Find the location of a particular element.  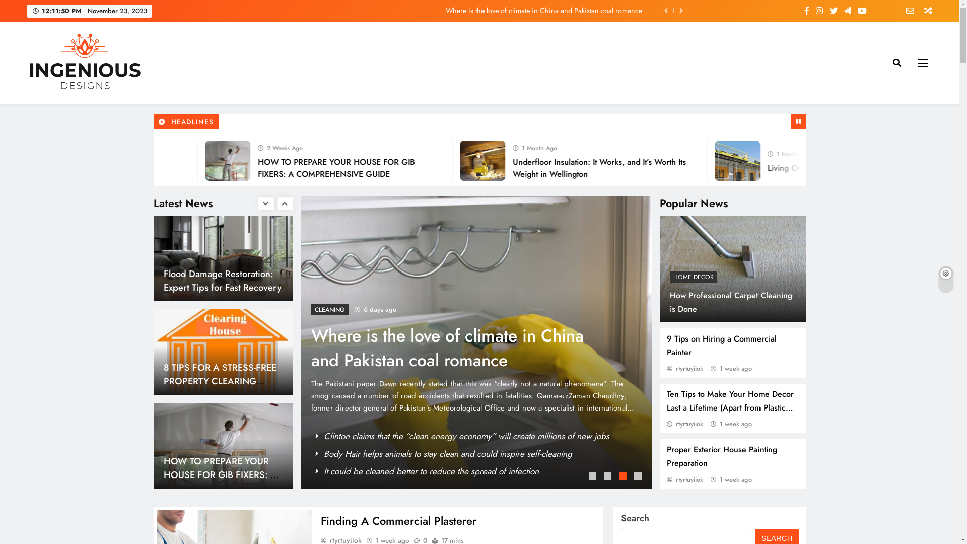

'1 week ago' is located at coordinates (719, 368).